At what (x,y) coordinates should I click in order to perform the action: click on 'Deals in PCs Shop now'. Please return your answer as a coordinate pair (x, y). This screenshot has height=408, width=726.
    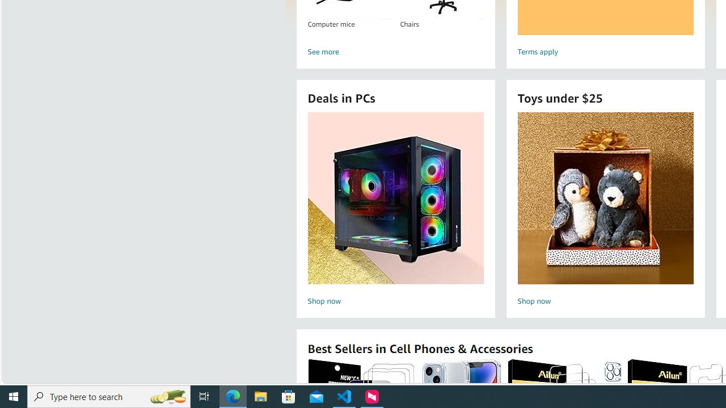
    Looking at the image, I should click on (395, 210).